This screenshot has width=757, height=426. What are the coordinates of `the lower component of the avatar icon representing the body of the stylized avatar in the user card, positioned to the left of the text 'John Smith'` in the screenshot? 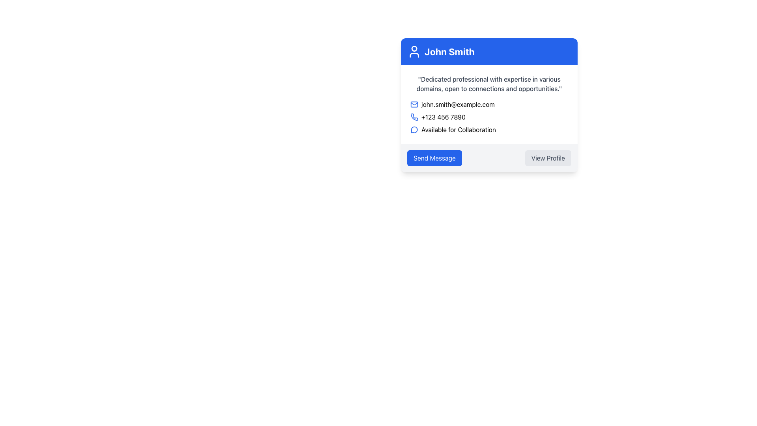 It's located at (414, 54).